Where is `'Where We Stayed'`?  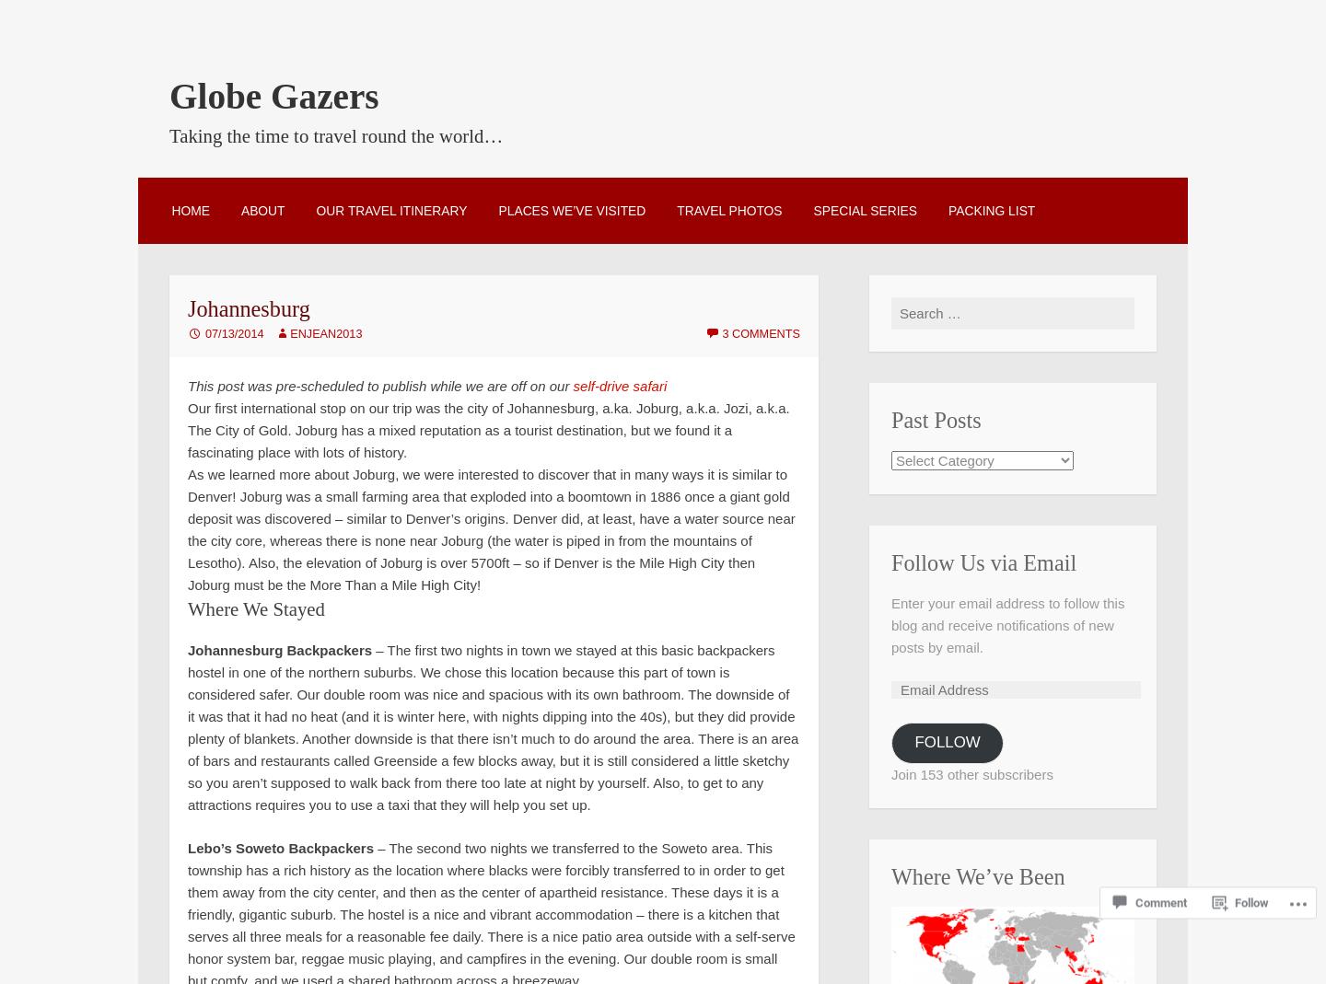
'Where We Stayed' is located at coordinates (255, 608).